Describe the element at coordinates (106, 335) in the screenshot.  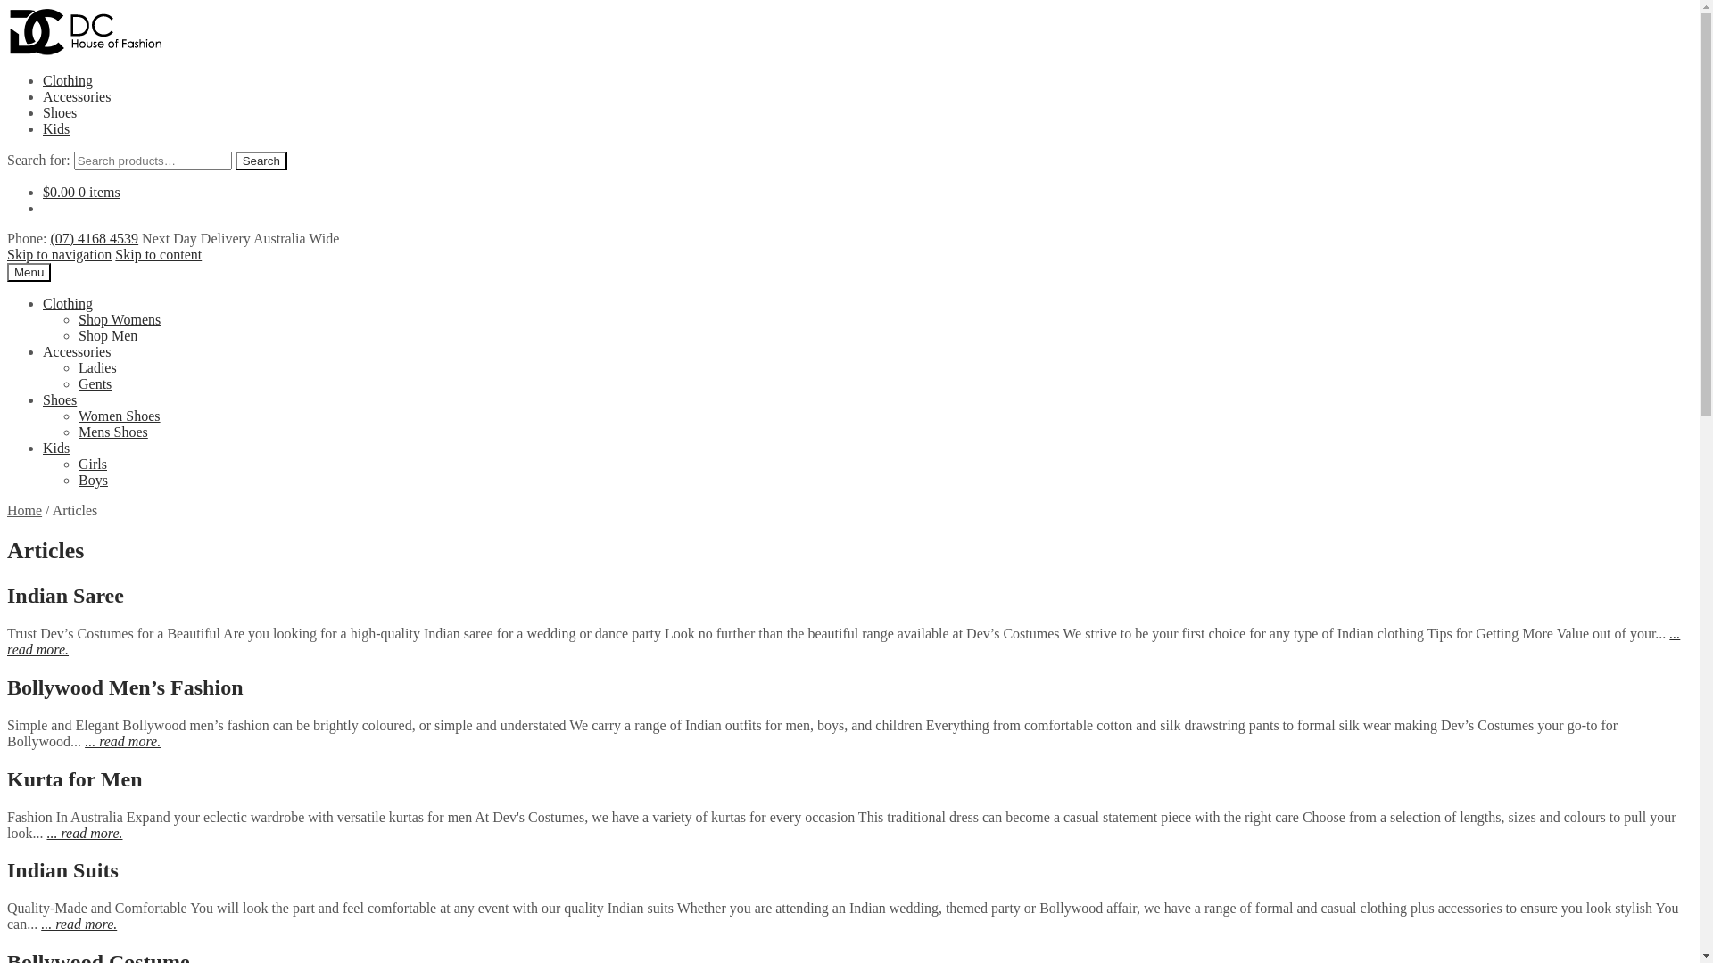
I see `'Shop Men'` at that location.